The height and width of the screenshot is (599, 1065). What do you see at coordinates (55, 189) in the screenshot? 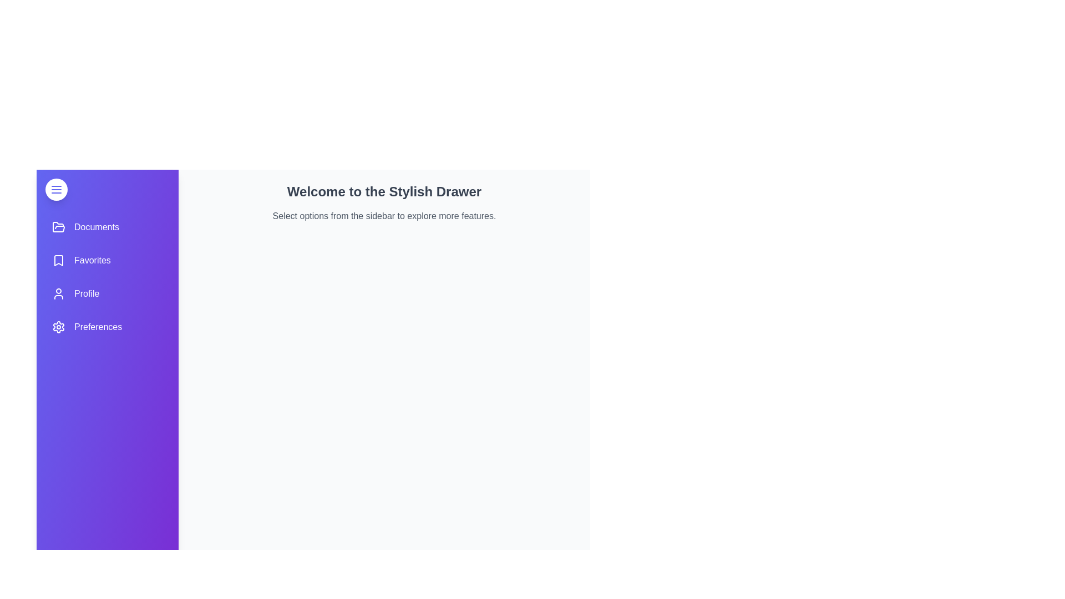
I see `the toggle button to change the drawer's state` at bounding box center [55, 189].